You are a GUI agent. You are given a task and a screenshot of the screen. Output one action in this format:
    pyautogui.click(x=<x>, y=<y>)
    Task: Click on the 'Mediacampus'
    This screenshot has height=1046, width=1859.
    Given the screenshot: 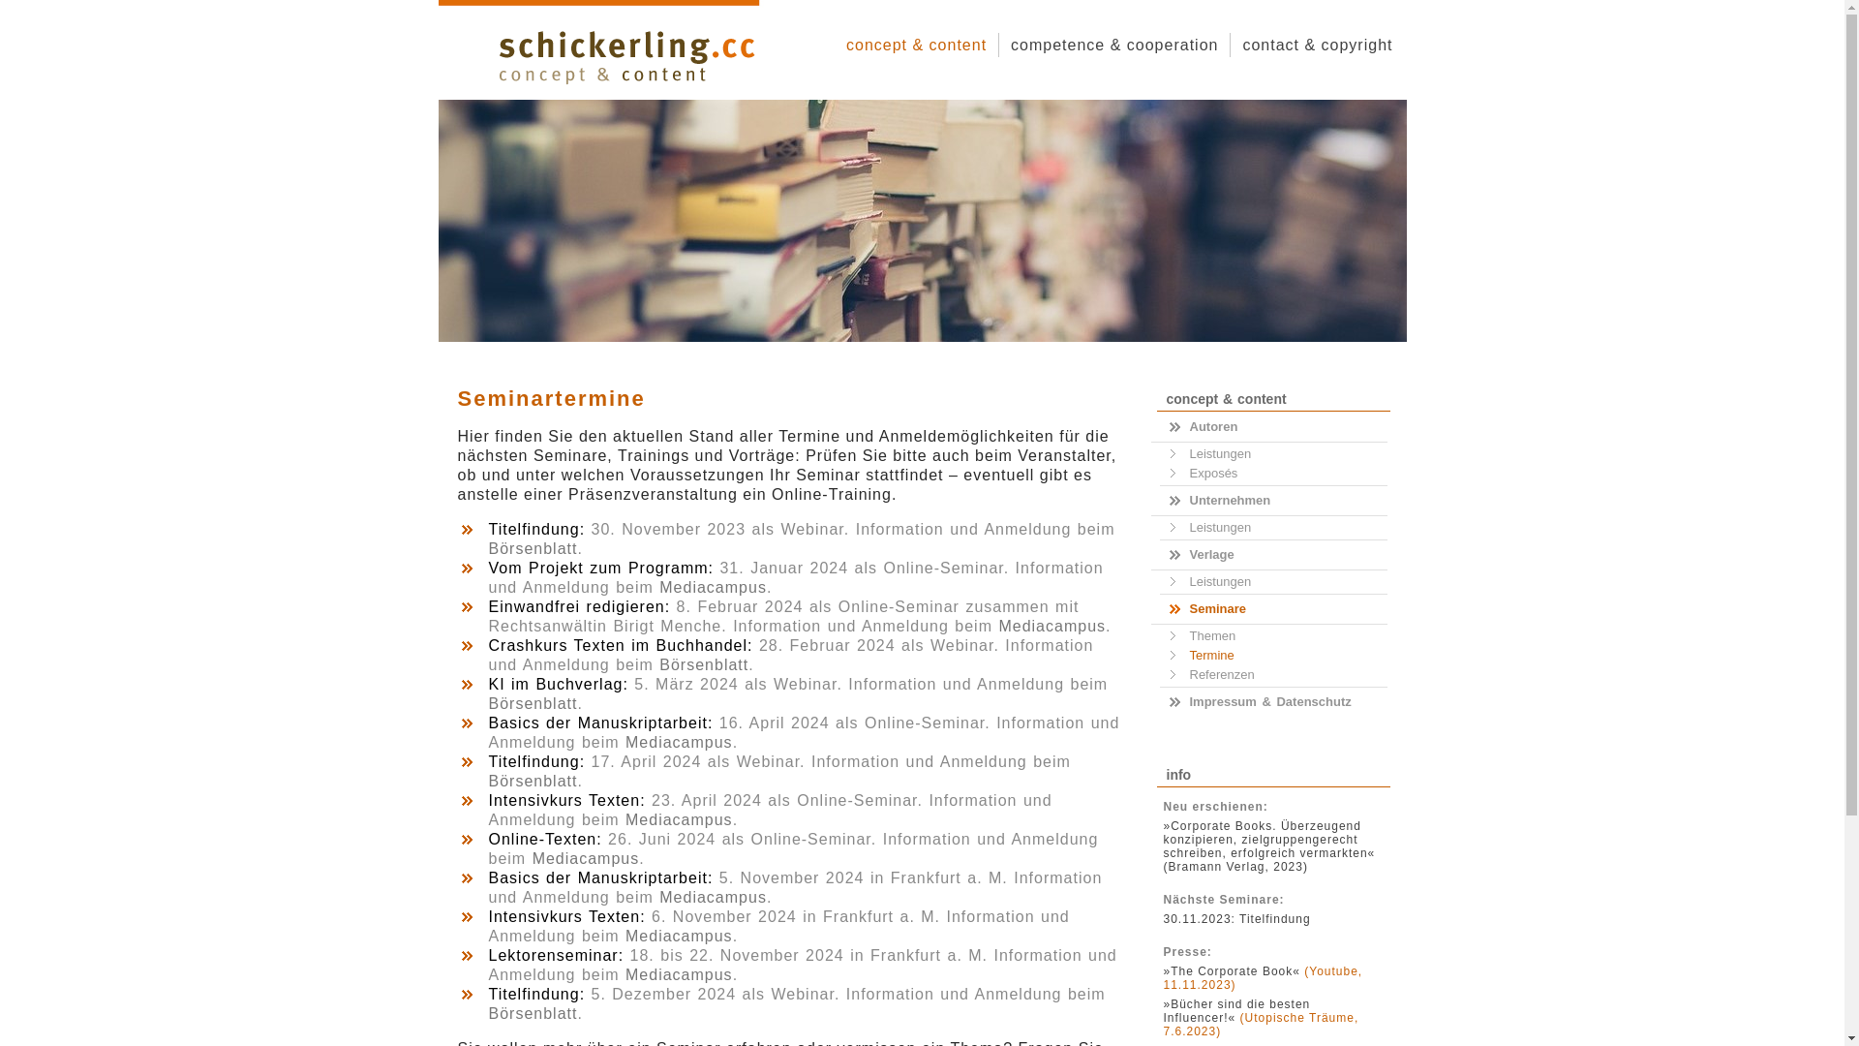 What is the action you would take?
    pyautogui.click(x=625, y=741)
    